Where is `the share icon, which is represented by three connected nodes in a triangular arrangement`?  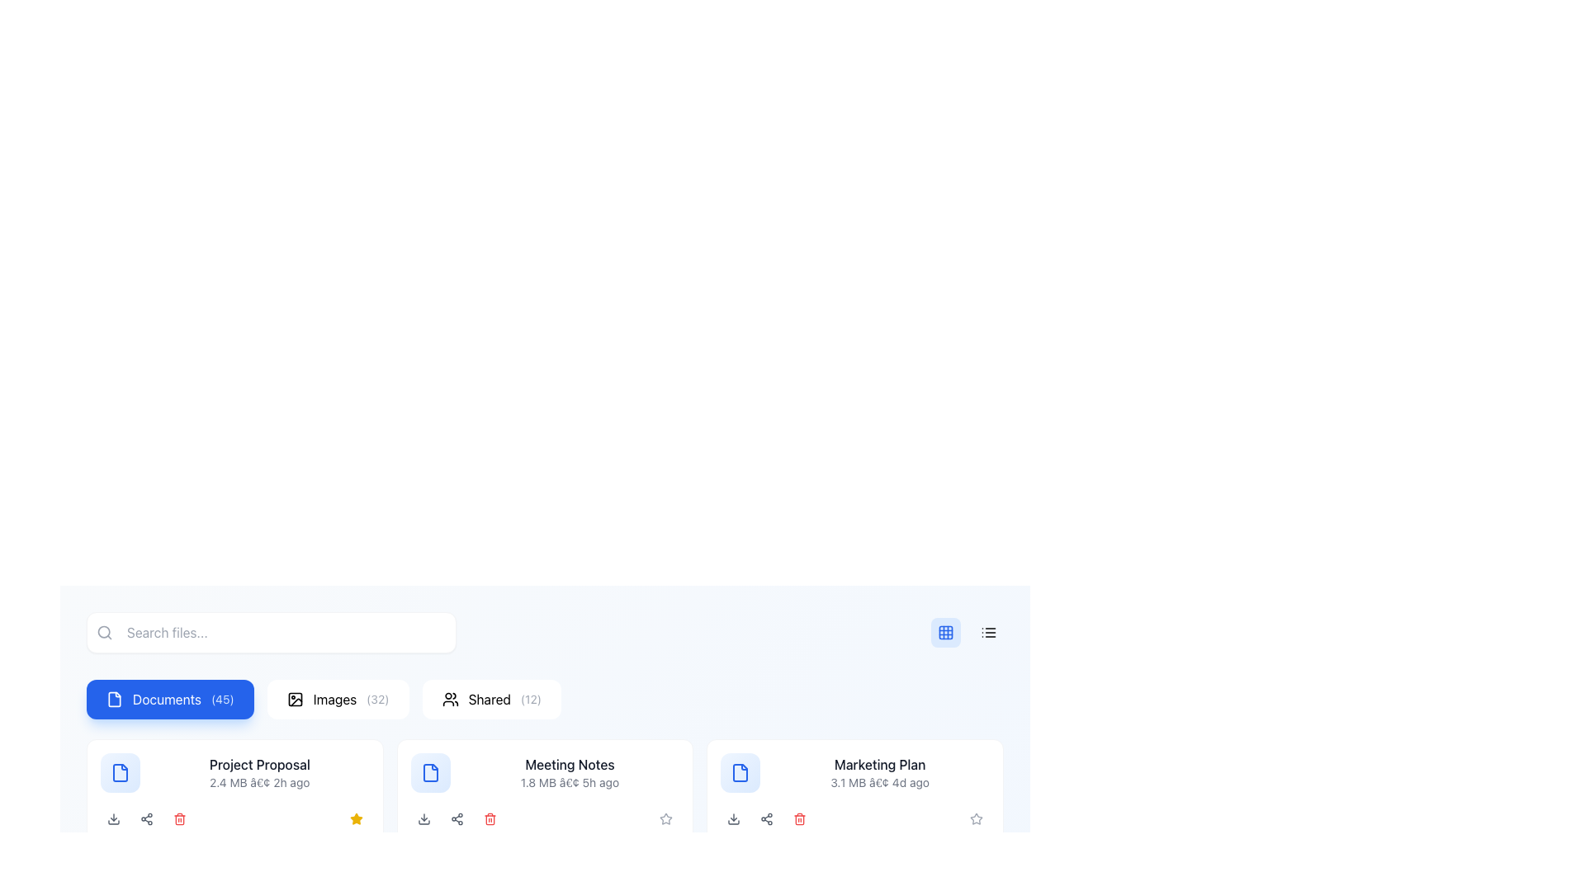 the share icon, which is represented by three connected nodes in a triangular arrangement is located at coordinates (457, 818).